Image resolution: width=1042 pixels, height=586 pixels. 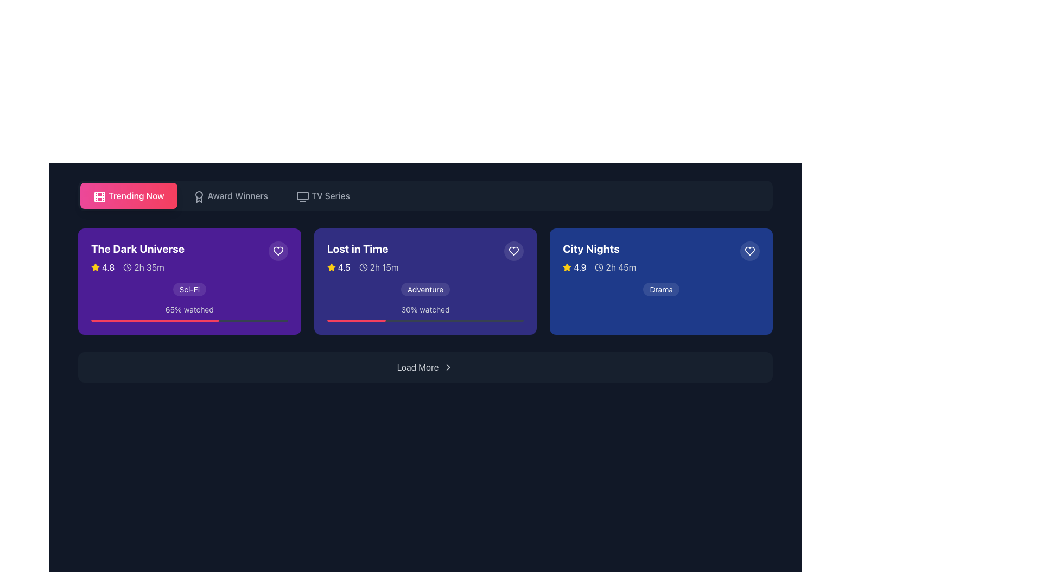 What do you see at coordinates (590, 249) in the screenshot?
I see `the text label 'City Nights' displayed in a bold and large font size on a blue background to trigger a tooltip or underline animation` at bounding box center [590, 249].